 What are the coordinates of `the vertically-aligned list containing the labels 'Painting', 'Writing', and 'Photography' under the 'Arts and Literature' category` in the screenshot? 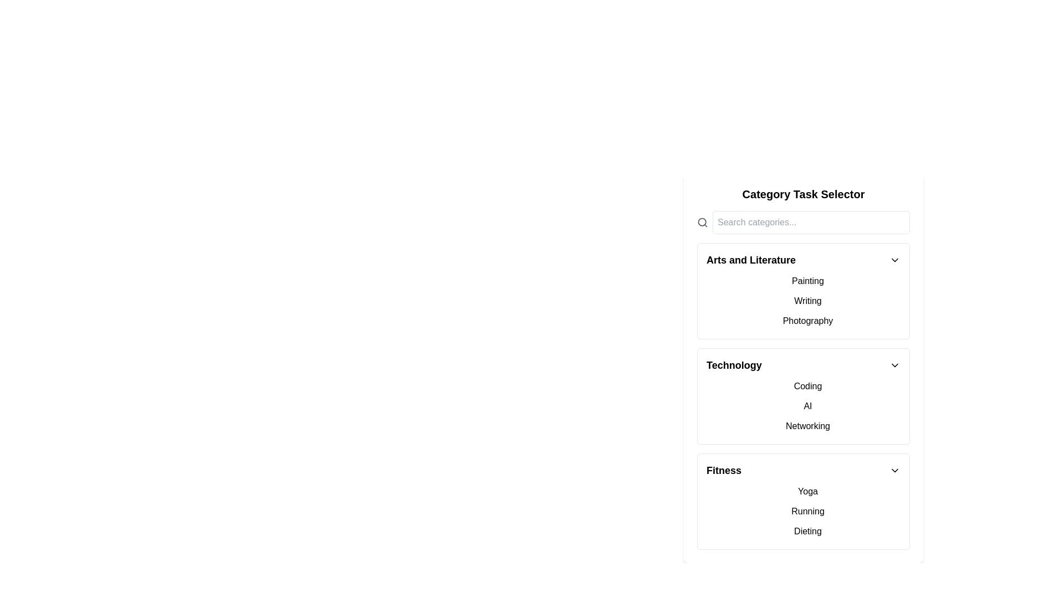 It's located at (803, 301).